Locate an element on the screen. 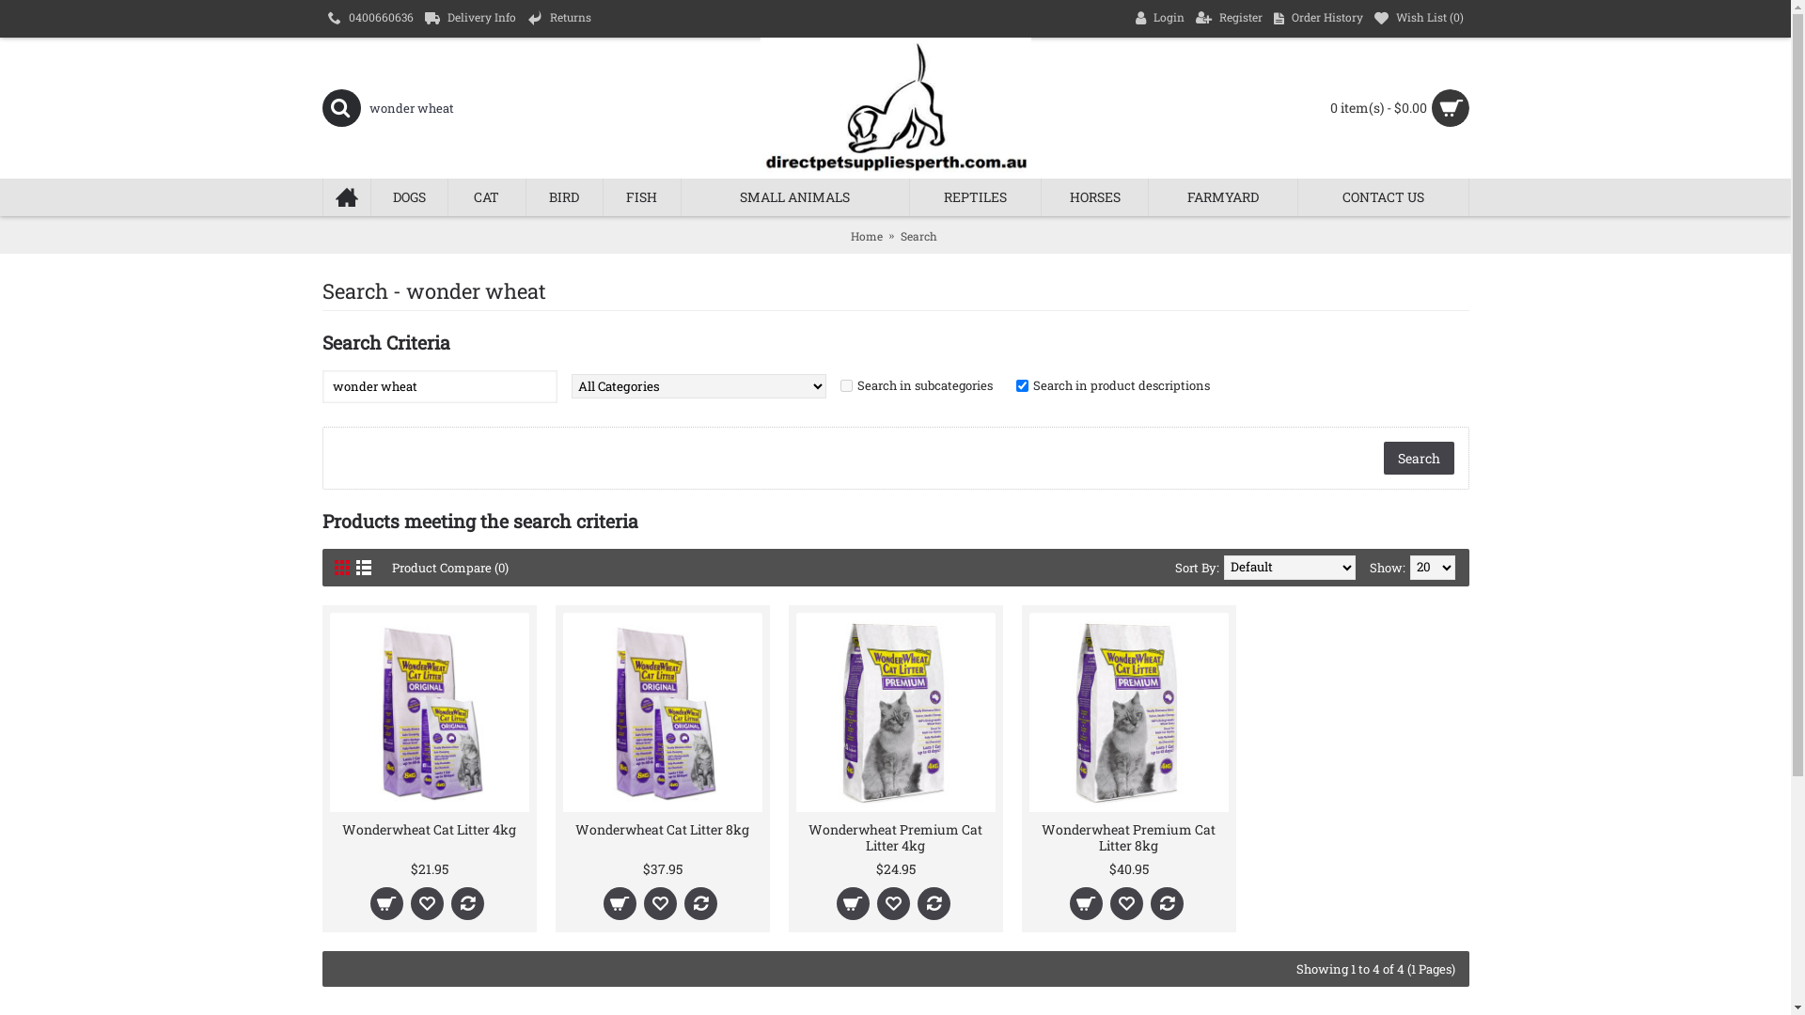  'Wonderwheat Premium Cat Litter 4kg' is located at coordinates (794, 712).